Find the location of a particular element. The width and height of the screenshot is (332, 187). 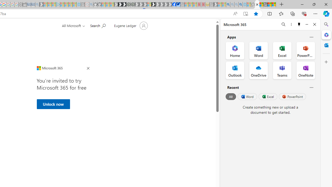

'Excel Office App' is located at coordinates (282, 51).